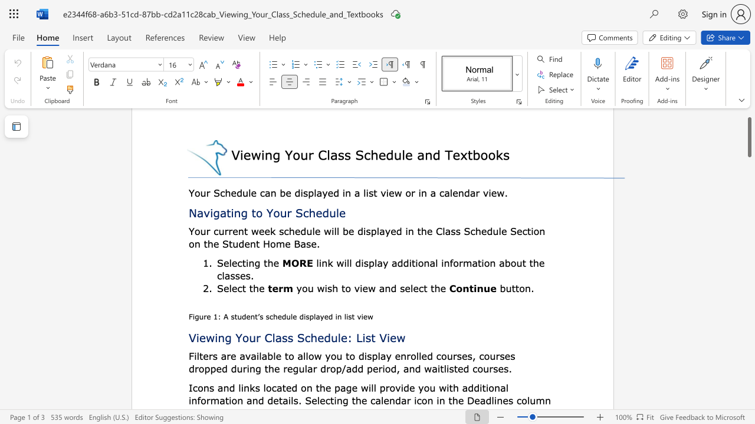 Image resolution: width=755 pixels, height=424 pixels. Describe the element at coordinates (749, 137) in the screenshot. I see `the scrollbar and move down 1040 pixels` at that location.